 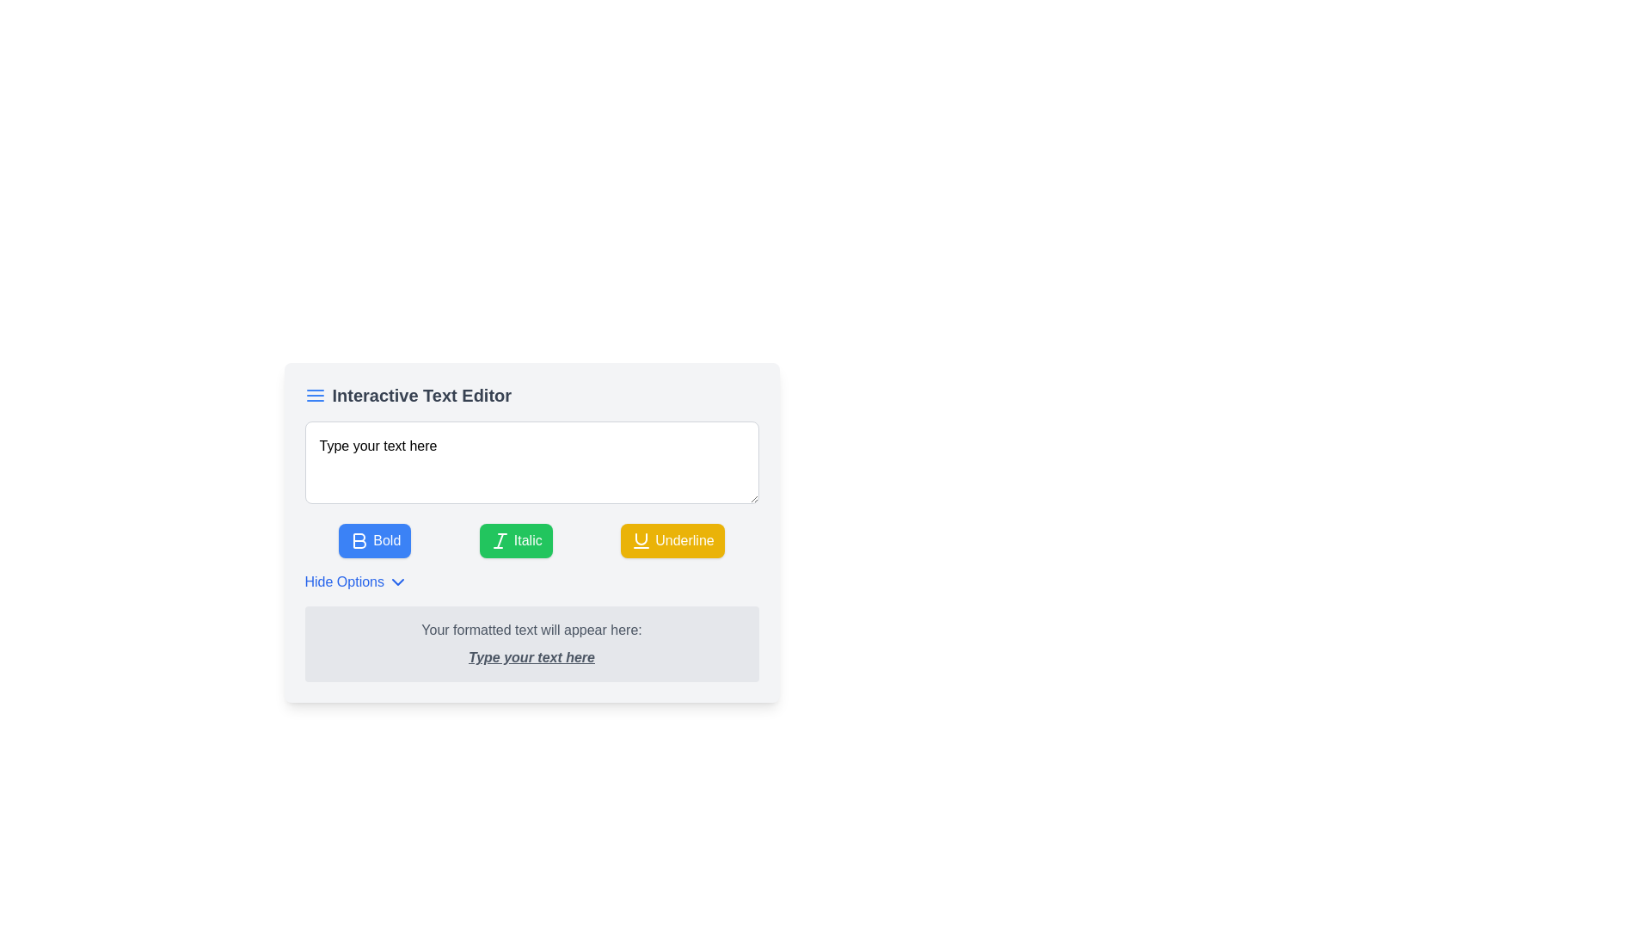 I want to click on the underline formatting icon located within the 'Underline' button, which is positioned to the left of the button's label text, so click(x=641, y=539).